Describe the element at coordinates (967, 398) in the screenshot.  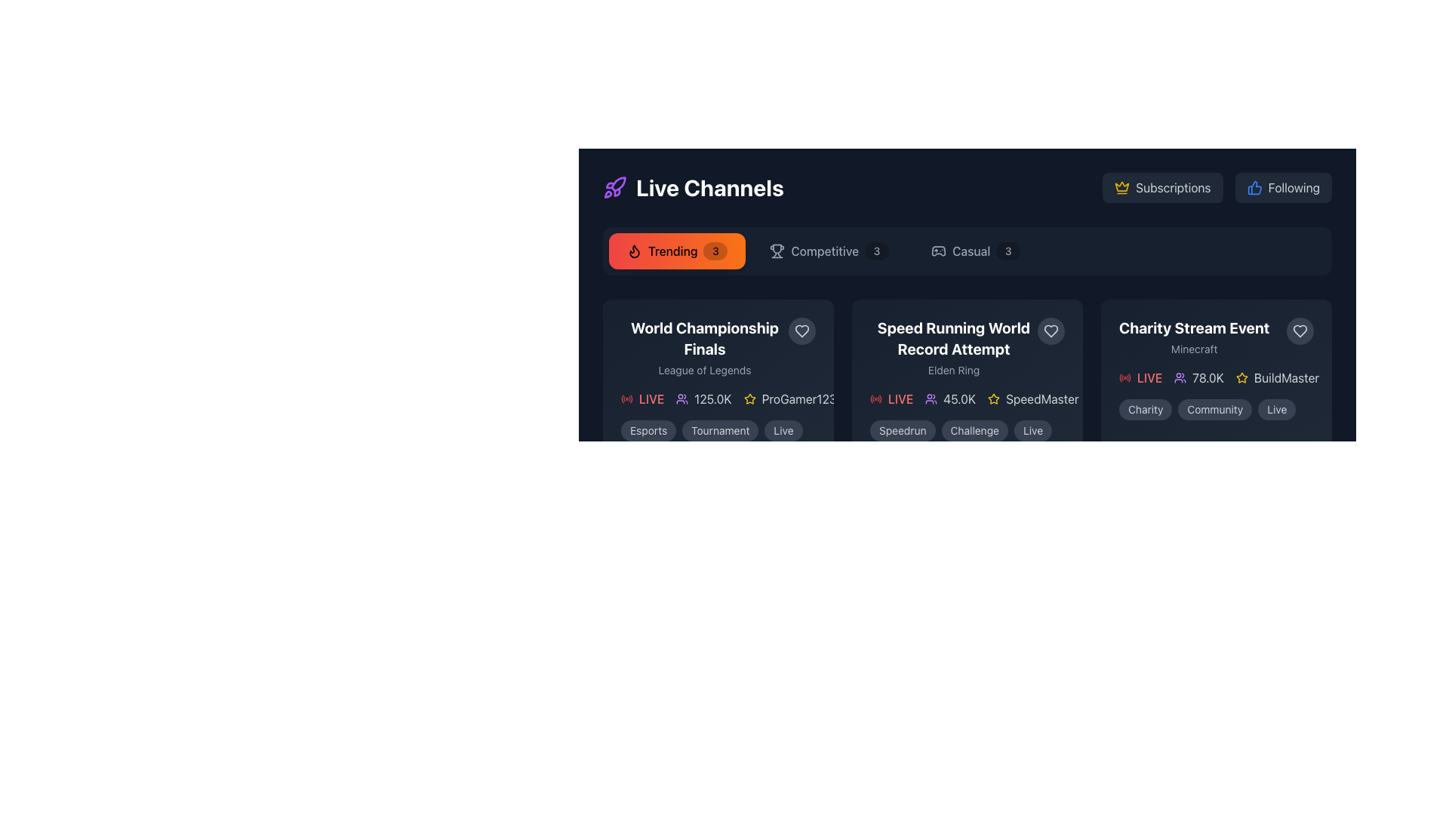
I see `the username 'SpeedMaster' in the informational row that includes a live indicator and viewer count for additional information` at that location.